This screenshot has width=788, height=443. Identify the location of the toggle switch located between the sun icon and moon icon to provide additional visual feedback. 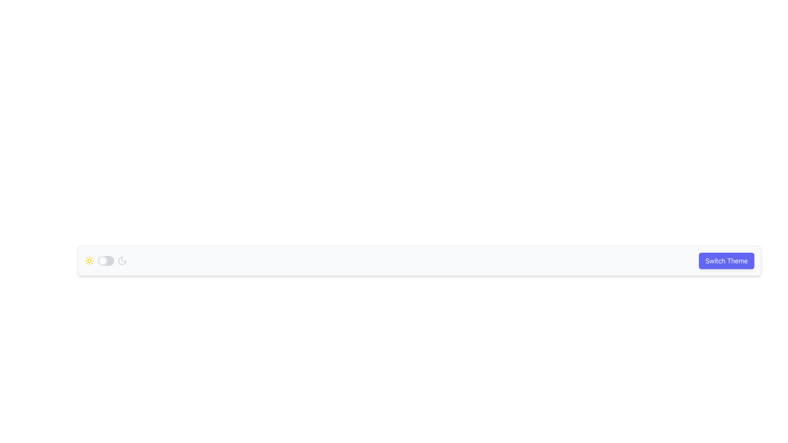
(105, 261).